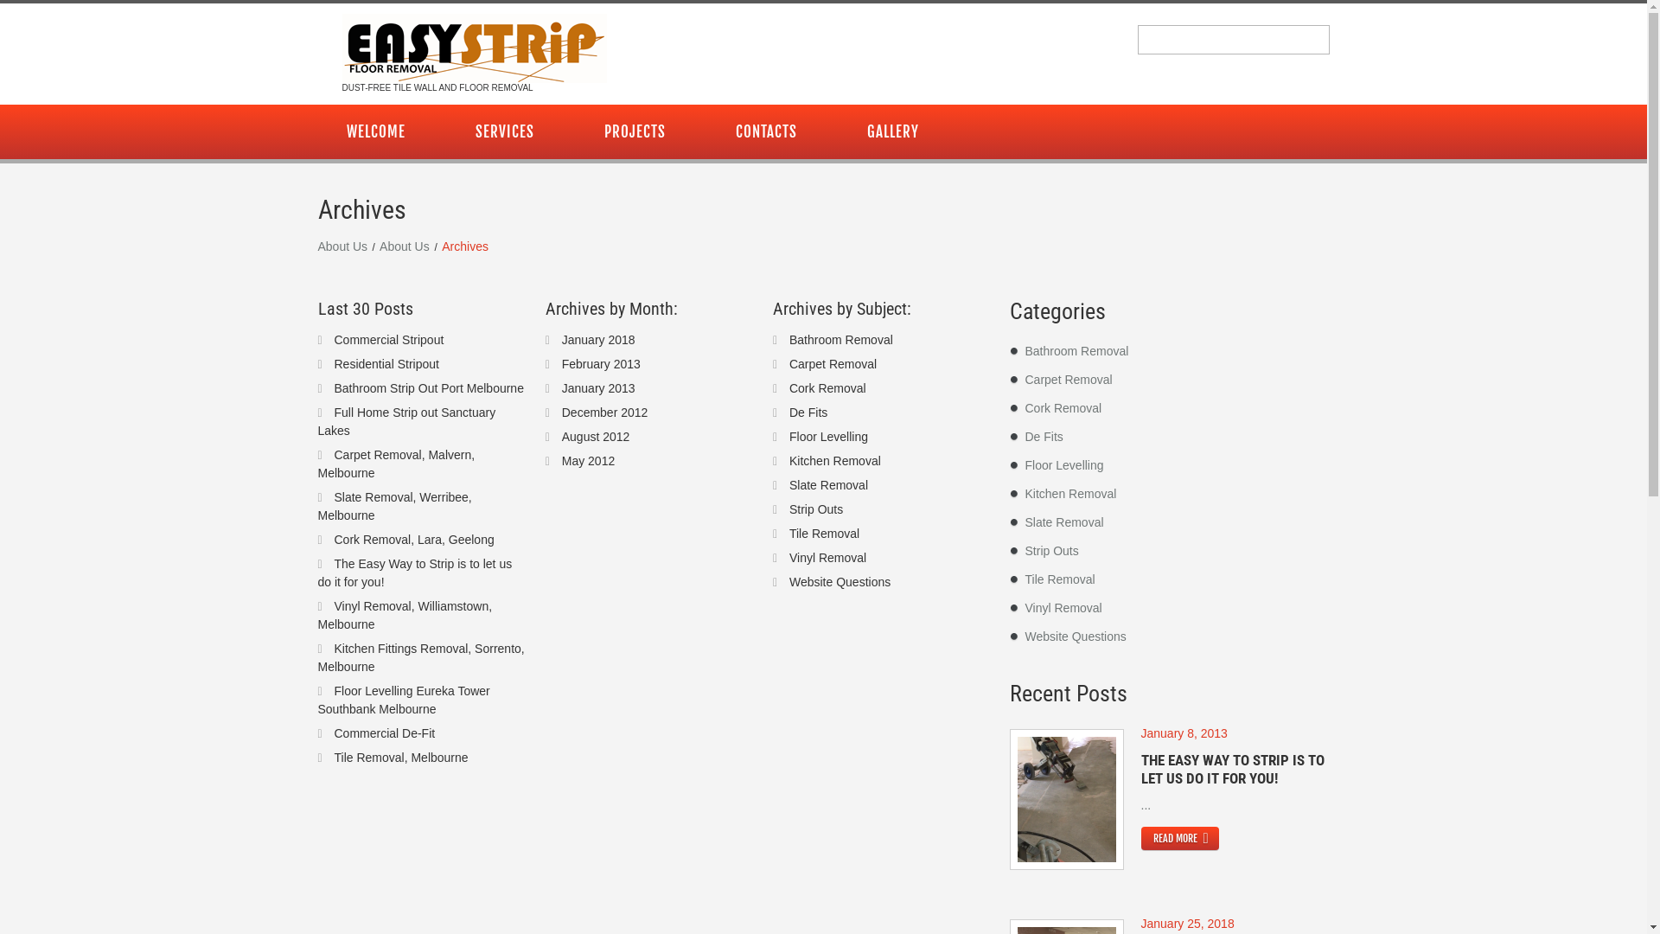  What do you see at coordinates (318, 505) in the screenshot?
I see `'Slate Removal, Werribee, Melbourne'` at bounding box center [318, 505].